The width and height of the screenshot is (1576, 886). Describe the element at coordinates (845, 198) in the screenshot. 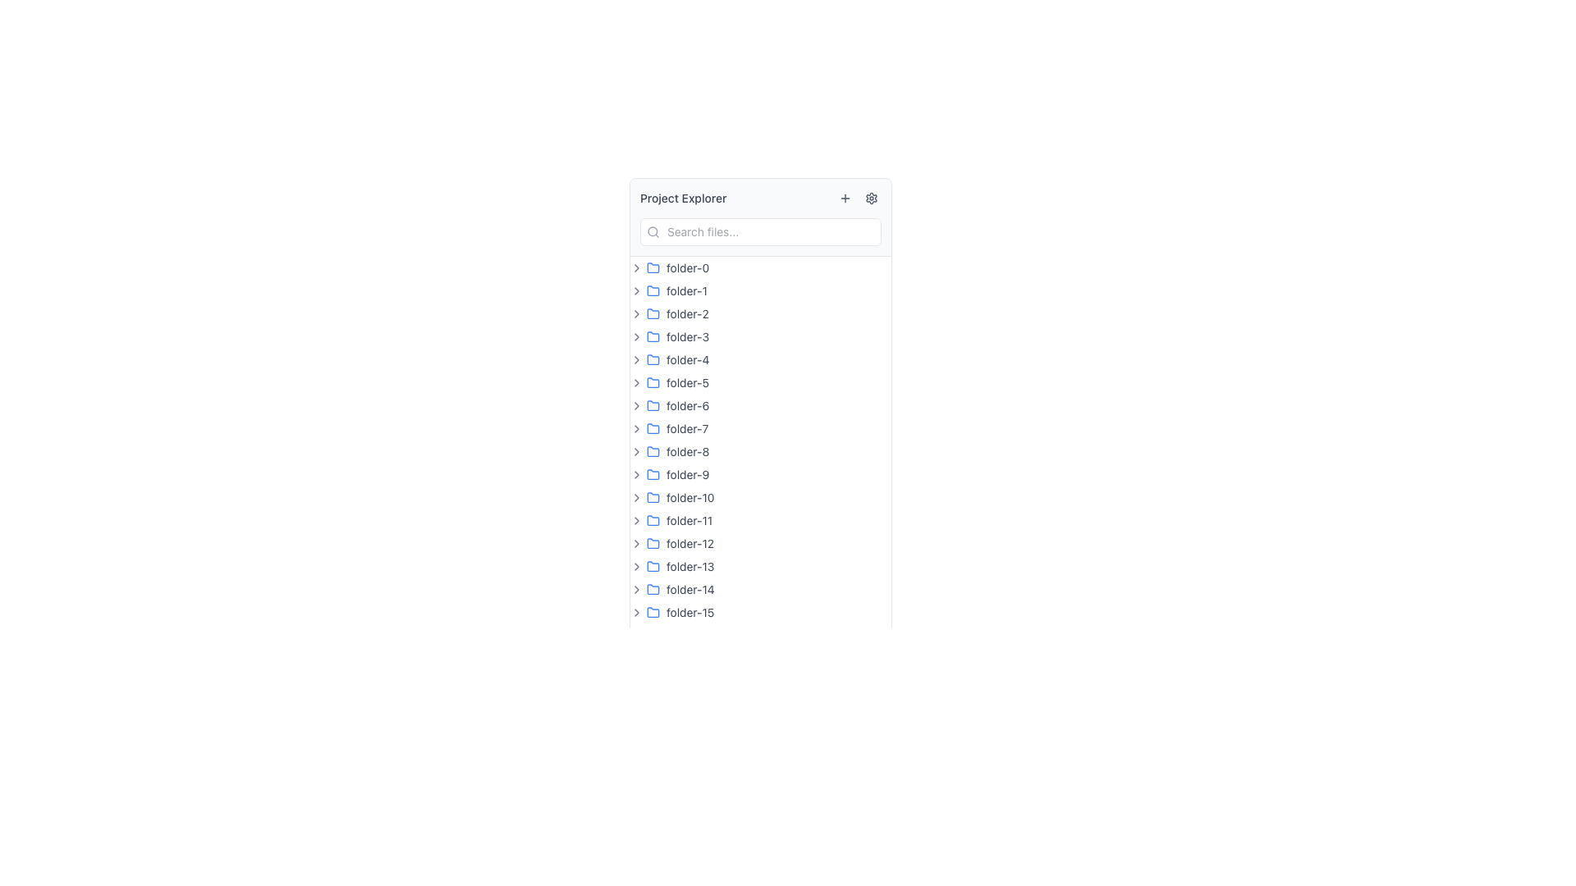

I see `the button` at that location.